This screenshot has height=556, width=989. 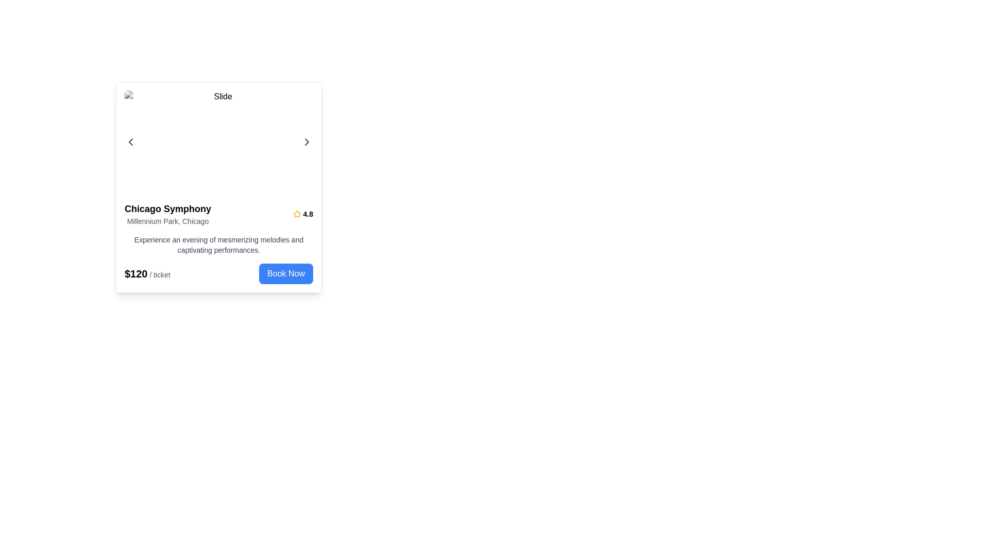 What do you see at coordinates (168, 220) in the screenshot?
I see `text label providing a location description related to the 'Chicago Symphony' event, positioned directly below the 'Chicago Symphony' text in the upper-left area of the card interface` at bounding box center [168, 220].